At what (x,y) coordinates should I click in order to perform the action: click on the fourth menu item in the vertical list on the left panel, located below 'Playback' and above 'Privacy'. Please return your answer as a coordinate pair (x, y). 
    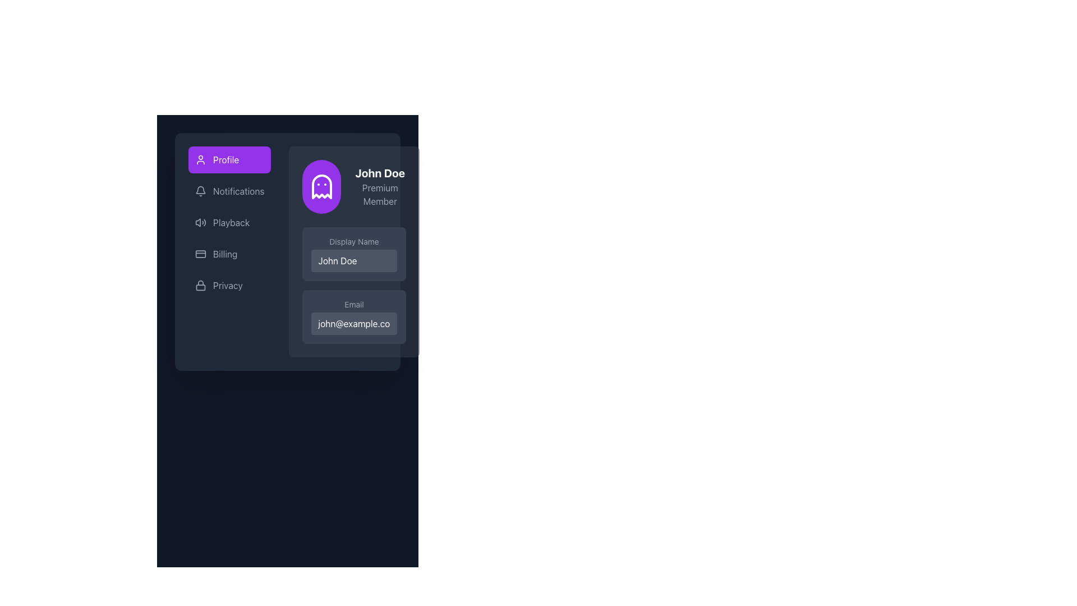
    Looking at the image, I should click on (229, 254).